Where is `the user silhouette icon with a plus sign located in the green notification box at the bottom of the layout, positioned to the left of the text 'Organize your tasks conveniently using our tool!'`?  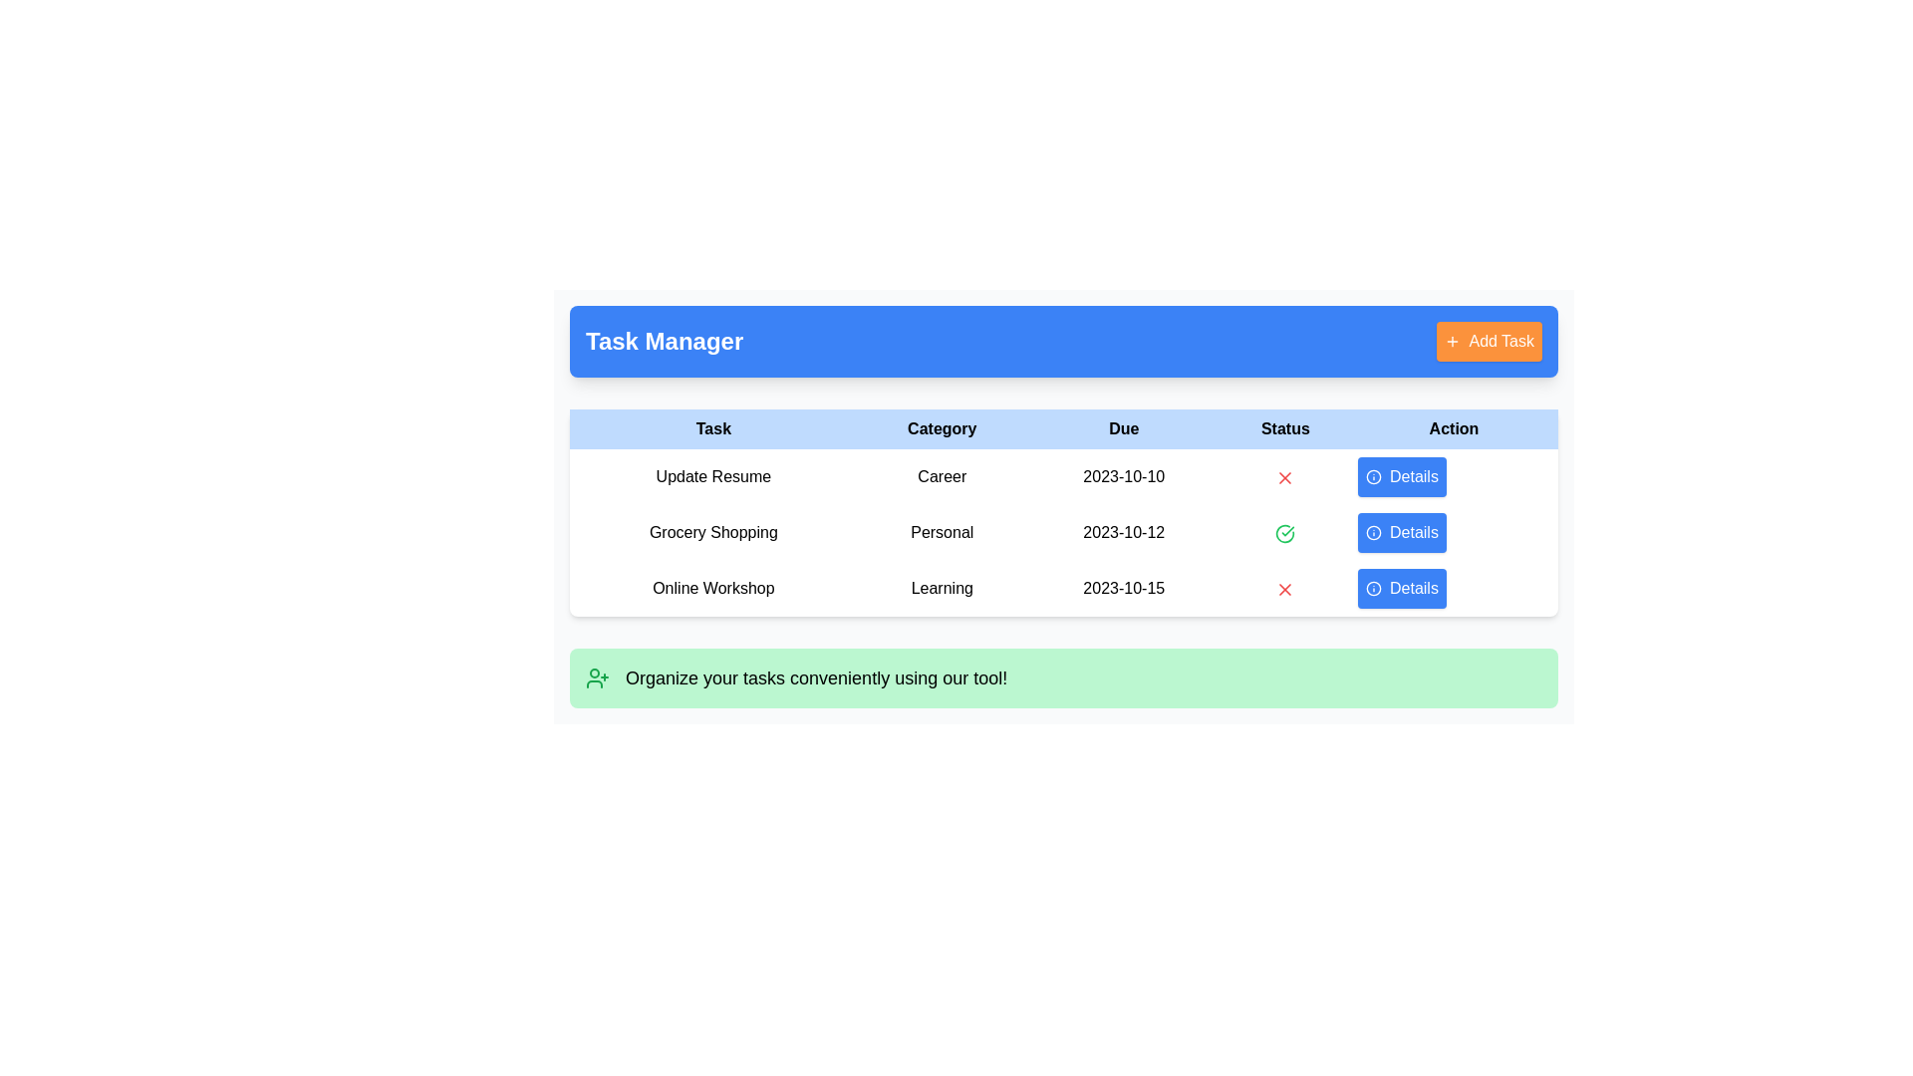 the user silhouette icon with a plus sign located in the green notification box at the bottom of the layout, positioned to the left of the text 'Organize your tasks conveniently using our tool!' is located at coordinates (597, 677).